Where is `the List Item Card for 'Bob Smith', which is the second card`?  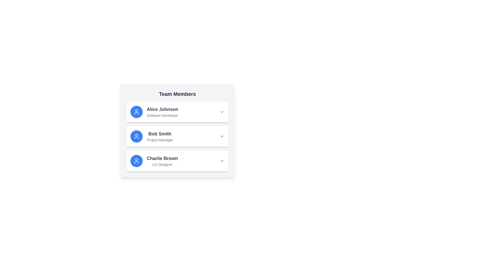
the List Item Card for 'Bob Smith', which is the second card is located at coordinates (177, 131).